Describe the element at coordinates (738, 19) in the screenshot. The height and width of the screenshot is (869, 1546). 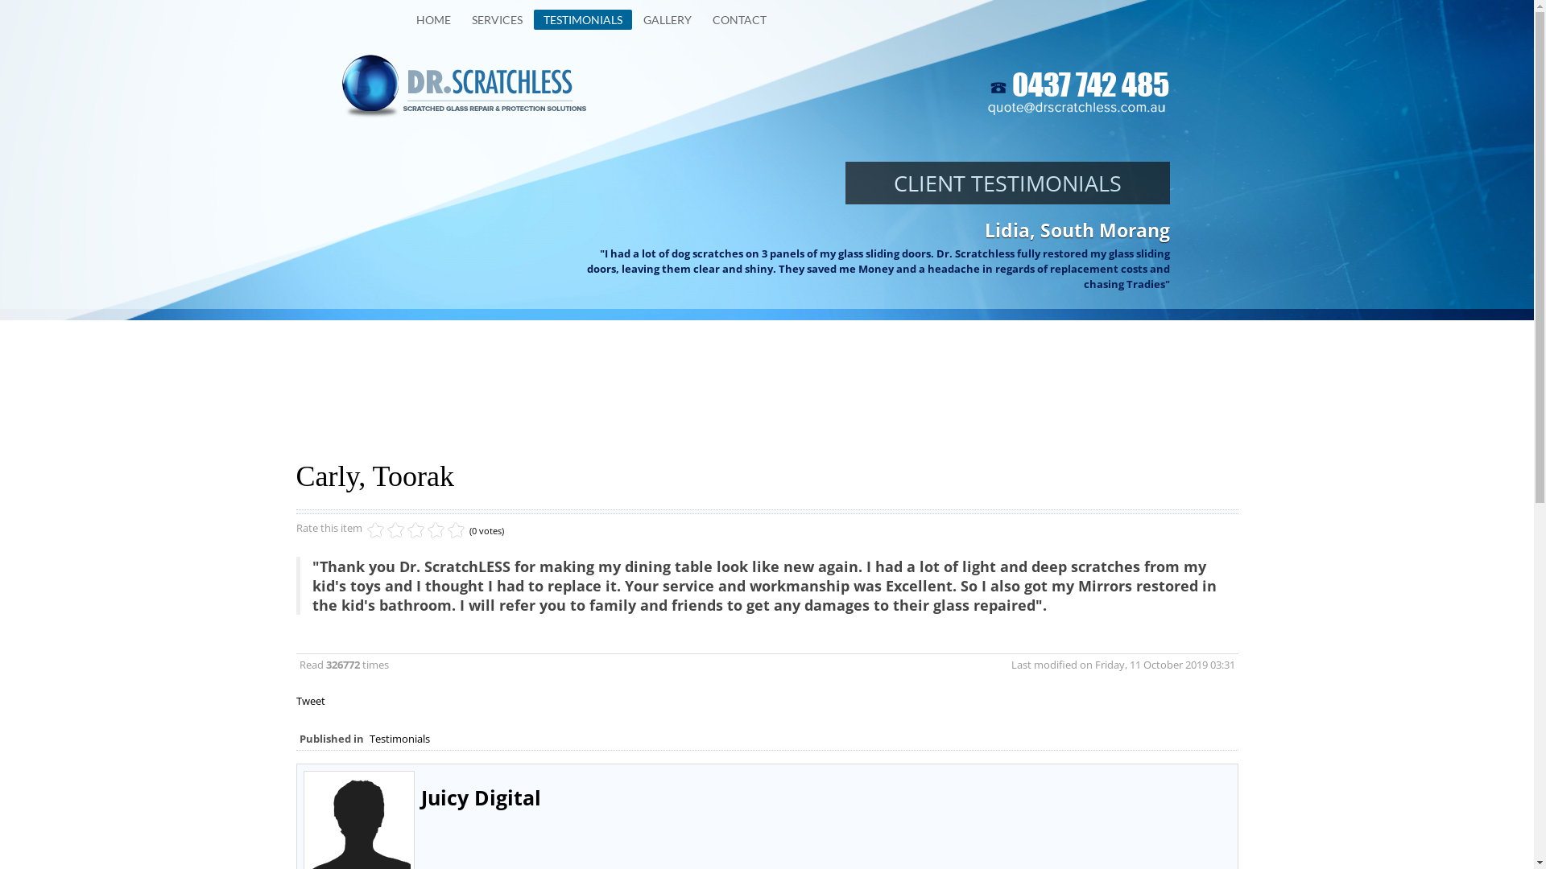
I see `'CONTACT'` at that location.